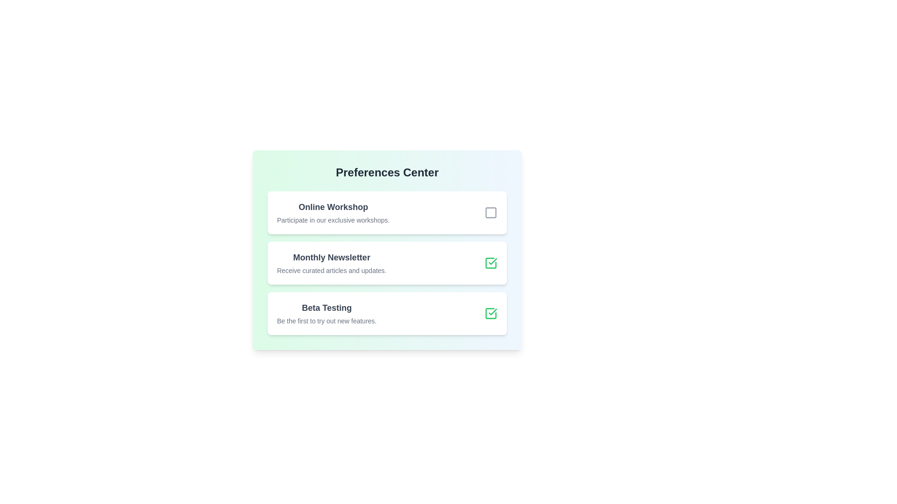 This screenshot has width=897, height=504. I want to click on the 'Monthly Newsletter' text label, which is the second option in a vertically stacked list, located below 'Online Workshop' and above 'Beta Testing', so click(332, 263).